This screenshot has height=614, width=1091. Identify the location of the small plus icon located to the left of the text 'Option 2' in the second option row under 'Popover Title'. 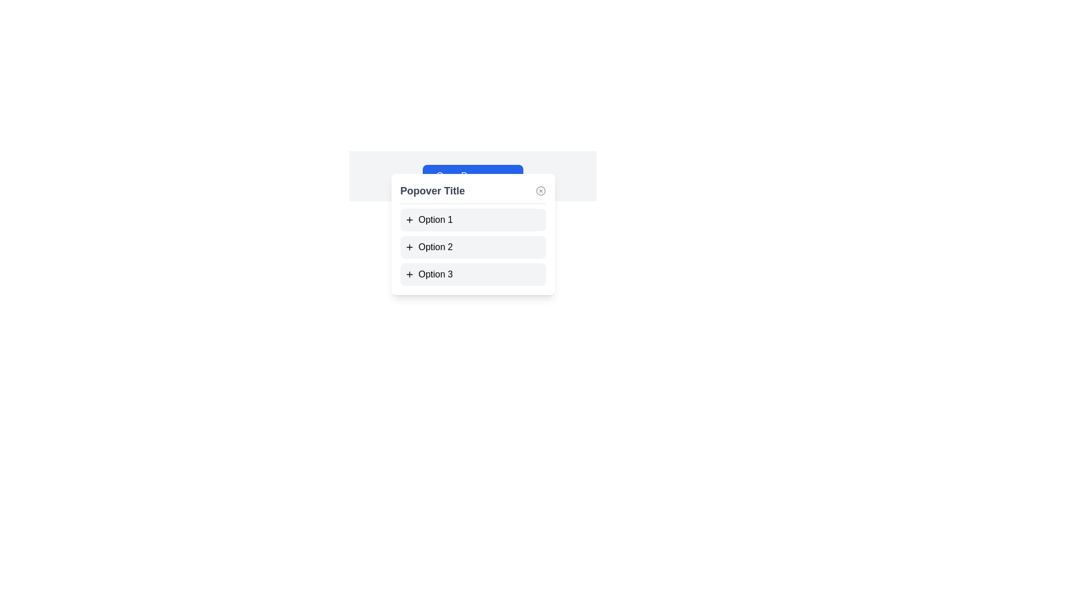
(409, 247).